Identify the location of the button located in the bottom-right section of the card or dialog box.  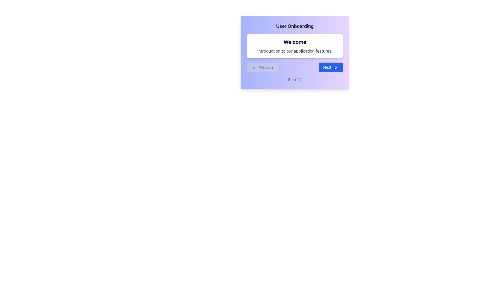
(330, 67).